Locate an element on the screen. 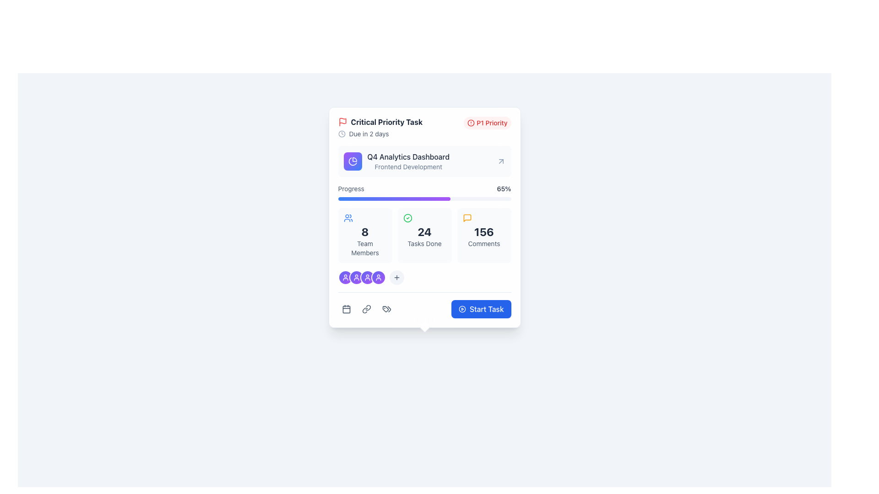  the informational widget that provides details about a high-priority task, including its title and urgency based on the due date is located at coordinates (380, 127).